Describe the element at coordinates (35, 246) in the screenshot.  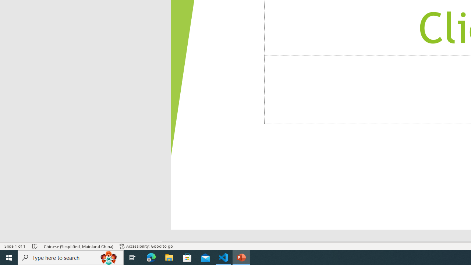
I see `'Spell Check No Errors'` at that location.